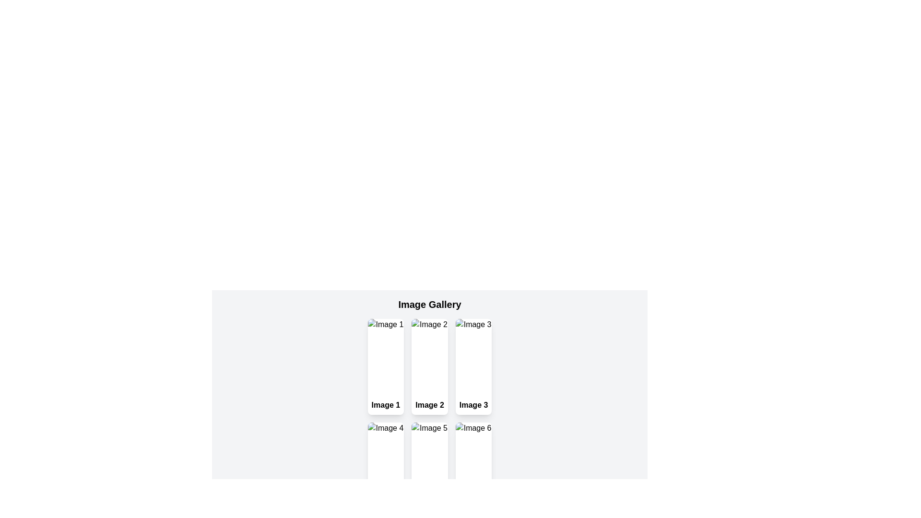  What do you see at coordinates (473, 405) in the screenshot?
I see `the text label reading 'Image 3' which is styled with centered alignment and semi-bold font weight, located below an image in the top-right corner of a grid layout, specifically the third item in the top row` at bounding box center [473, 405].